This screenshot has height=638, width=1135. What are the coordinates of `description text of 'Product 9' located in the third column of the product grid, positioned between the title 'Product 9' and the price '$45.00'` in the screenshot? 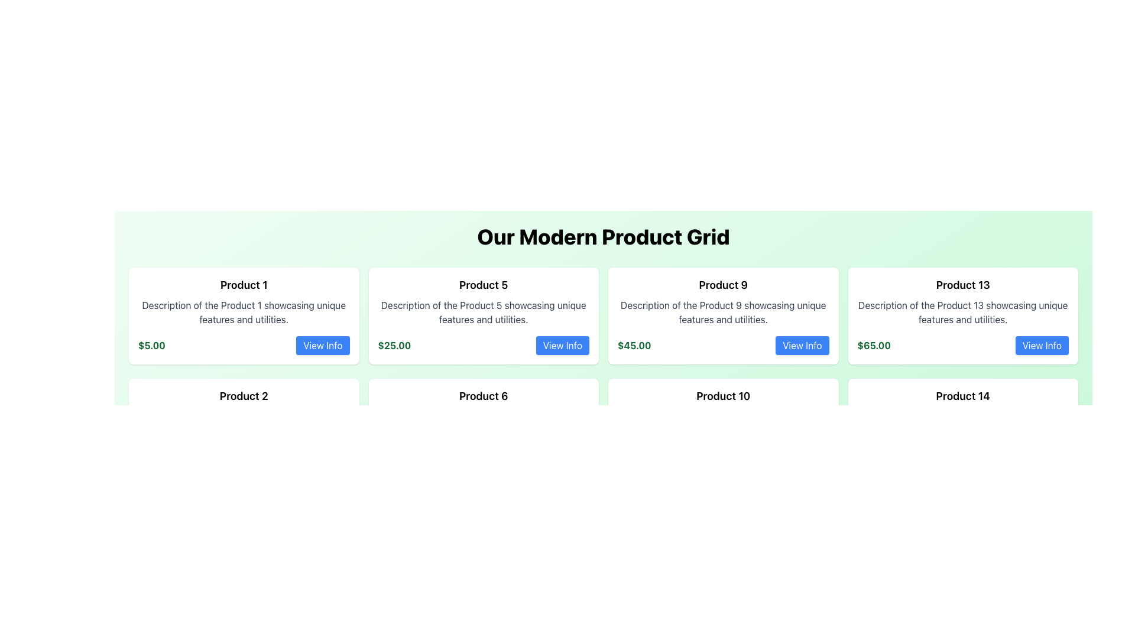 It's located at (722, 311).